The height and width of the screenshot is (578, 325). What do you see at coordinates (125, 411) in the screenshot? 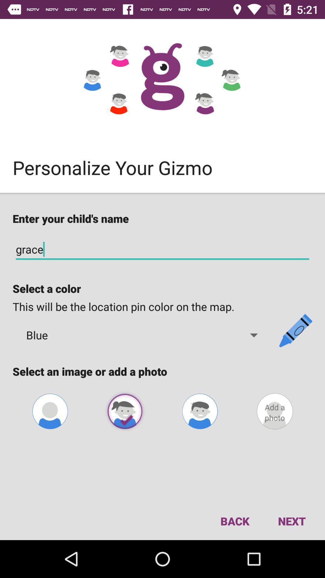
I see `the image` at bounding box center [125, 411].